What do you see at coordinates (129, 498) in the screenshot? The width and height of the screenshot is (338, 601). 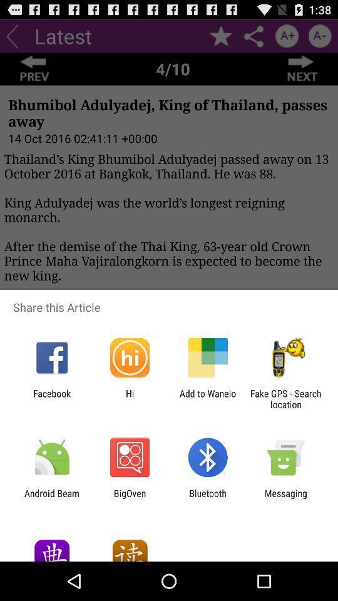 I see `item next to the bluetooth` at bounding box center [129, 498].